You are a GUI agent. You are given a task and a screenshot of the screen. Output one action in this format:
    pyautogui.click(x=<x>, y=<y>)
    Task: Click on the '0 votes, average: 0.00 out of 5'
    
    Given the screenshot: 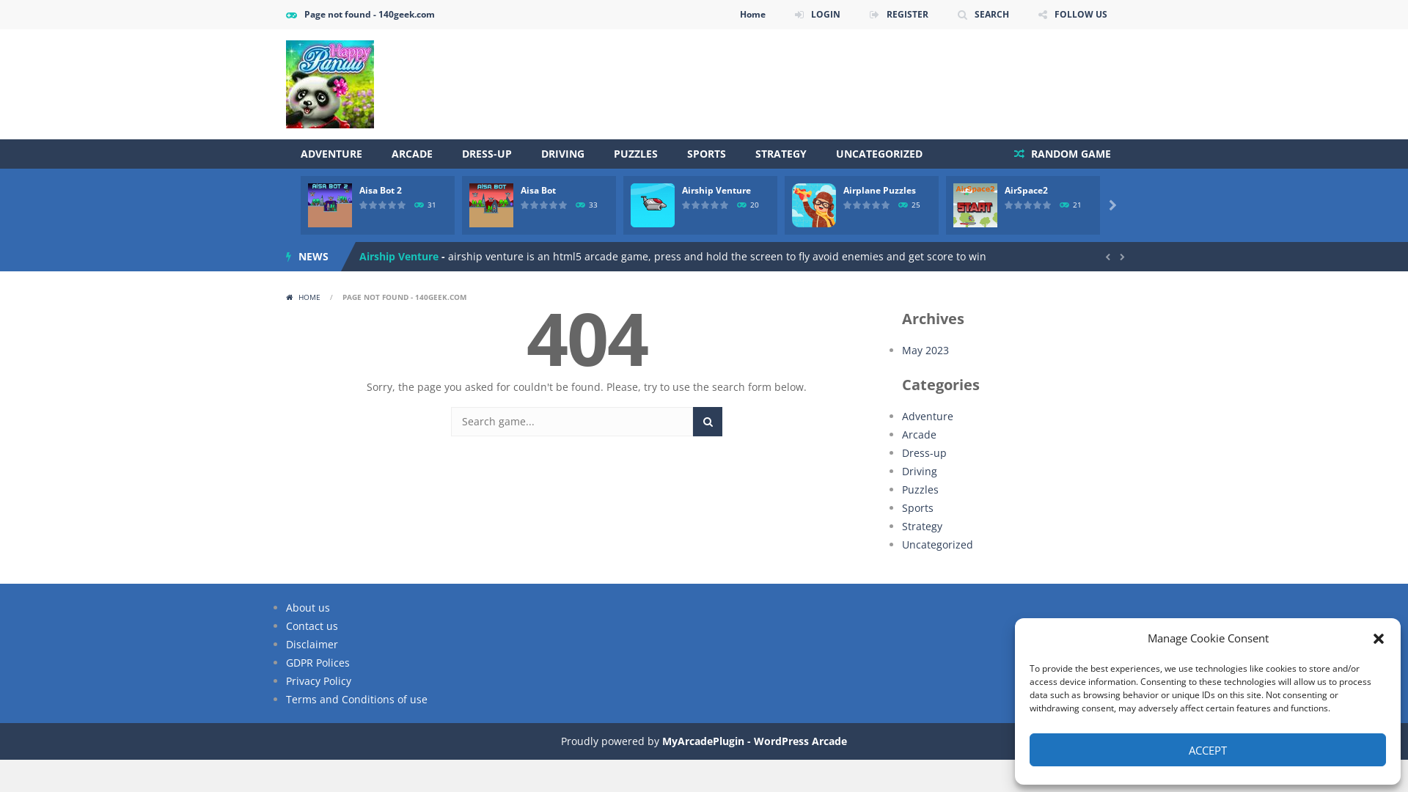 What is the action you would take?
    pyautogui.click(x=392, y=205)
    